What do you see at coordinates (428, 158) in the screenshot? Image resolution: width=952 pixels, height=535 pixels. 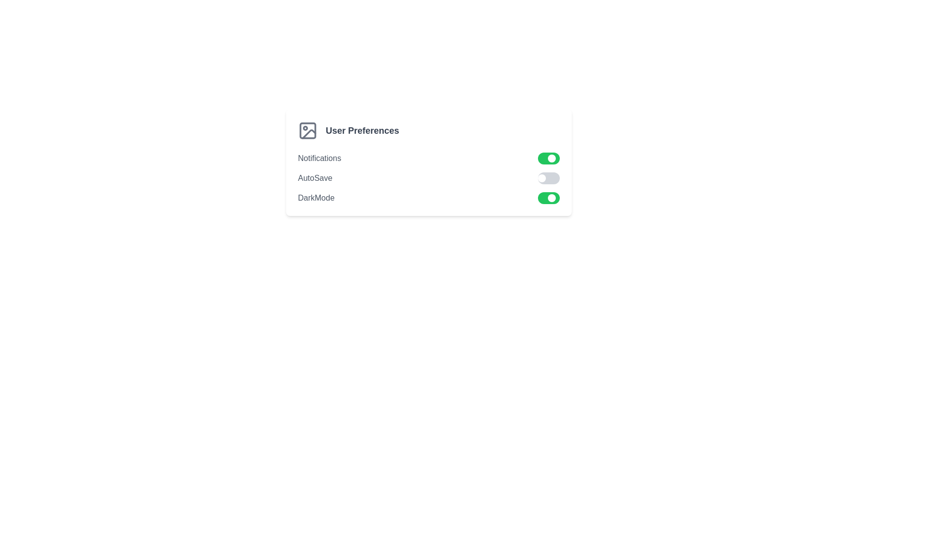 I see `the Toggleable Setting Row for notifications, which is the first row in the User Preferences settings list` at bounding box center [428, 158].